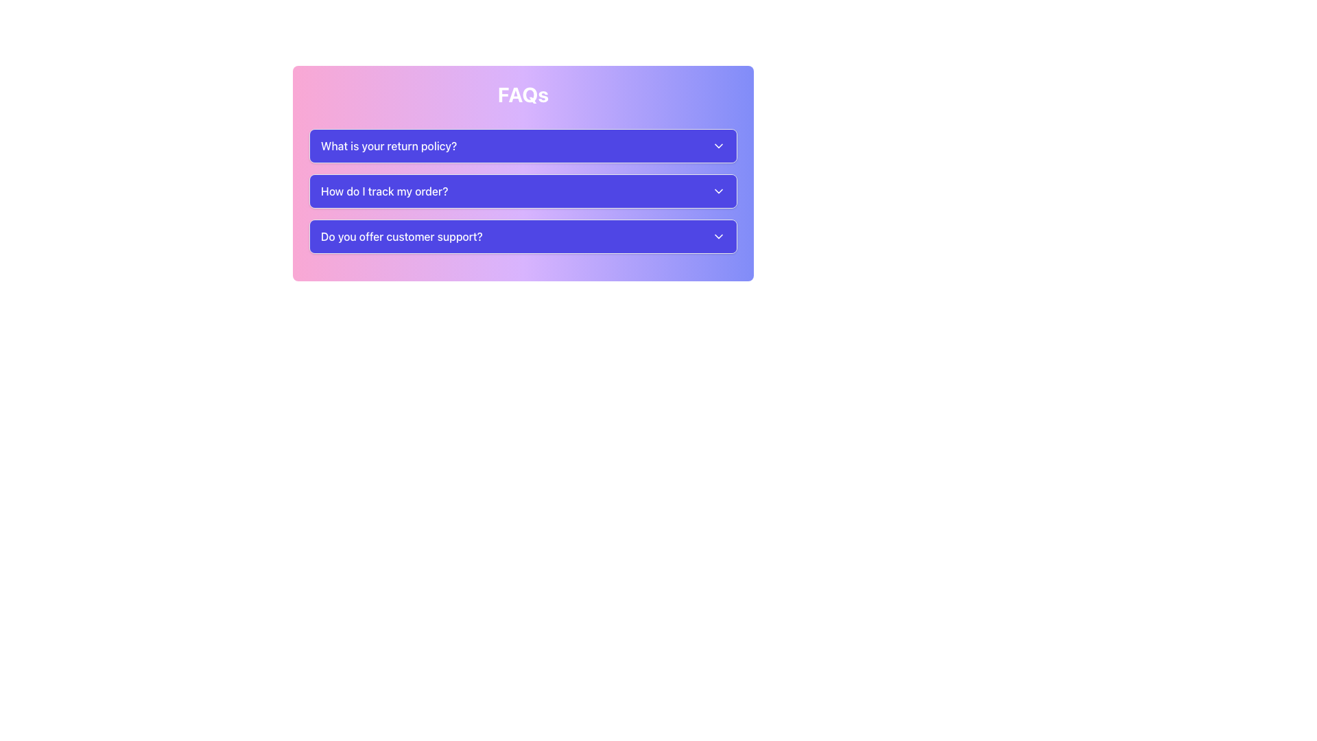  What do you see at coordinates (523, 235) in the screenshot?
I see `the interactive FAQ entry button, which is the third entry in a vertically stacked list` at bounding box center [523, 235].